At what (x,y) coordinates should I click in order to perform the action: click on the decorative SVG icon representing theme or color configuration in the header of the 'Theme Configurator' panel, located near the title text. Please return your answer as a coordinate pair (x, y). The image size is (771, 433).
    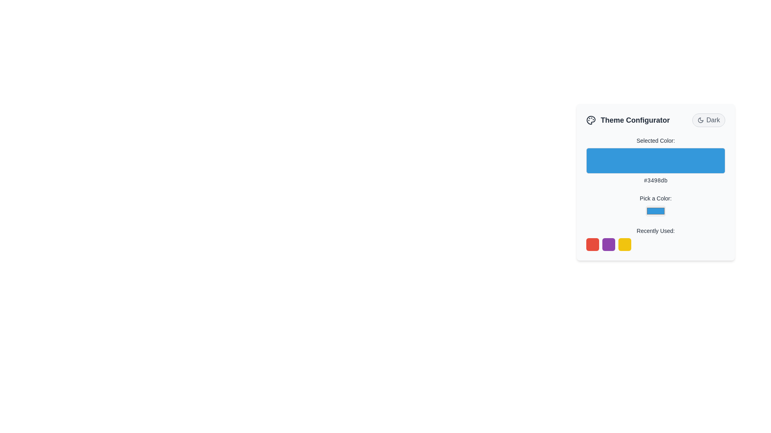
    Looking at the image, I should click on (591, 120).